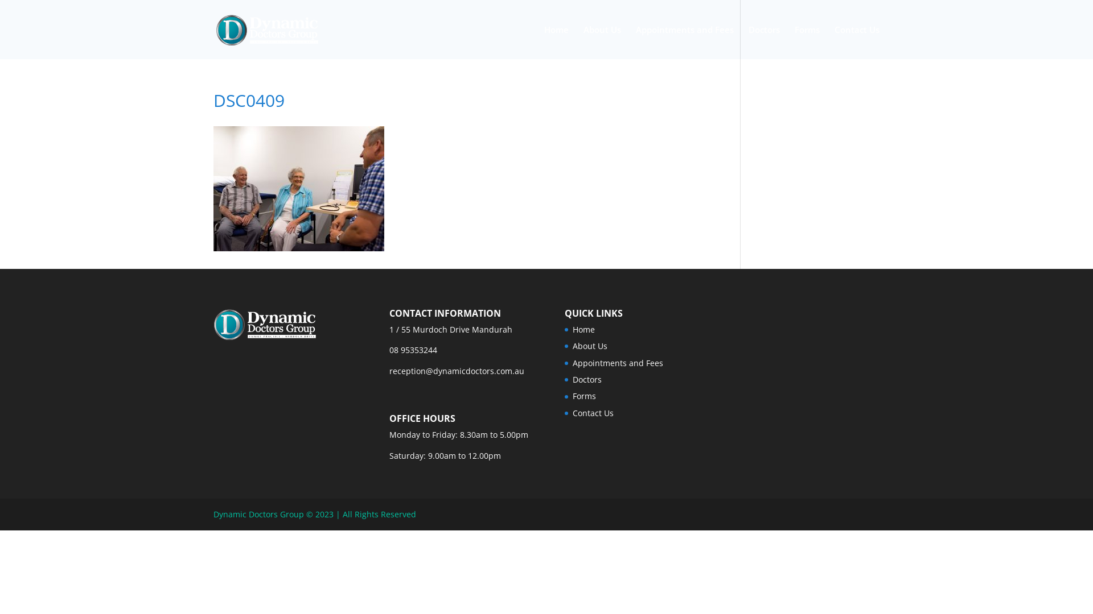 The height and width of the screenshot is (614, 1093). I want to click on 'Forms', so click(806, 42).